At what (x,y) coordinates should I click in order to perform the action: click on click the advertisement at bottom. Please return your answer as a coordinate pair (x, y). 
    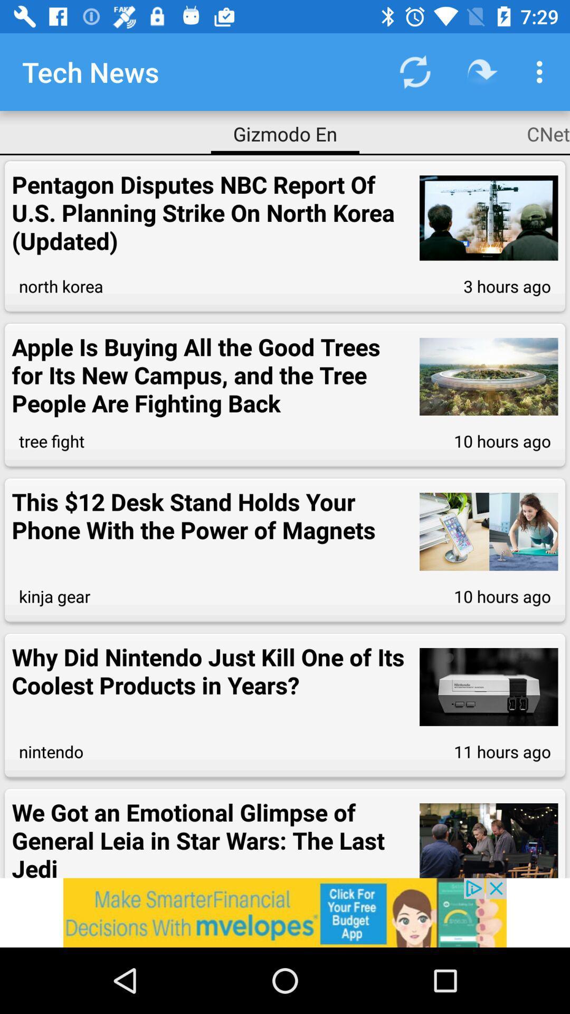
    Looking at the image, I should click on (285, 912).